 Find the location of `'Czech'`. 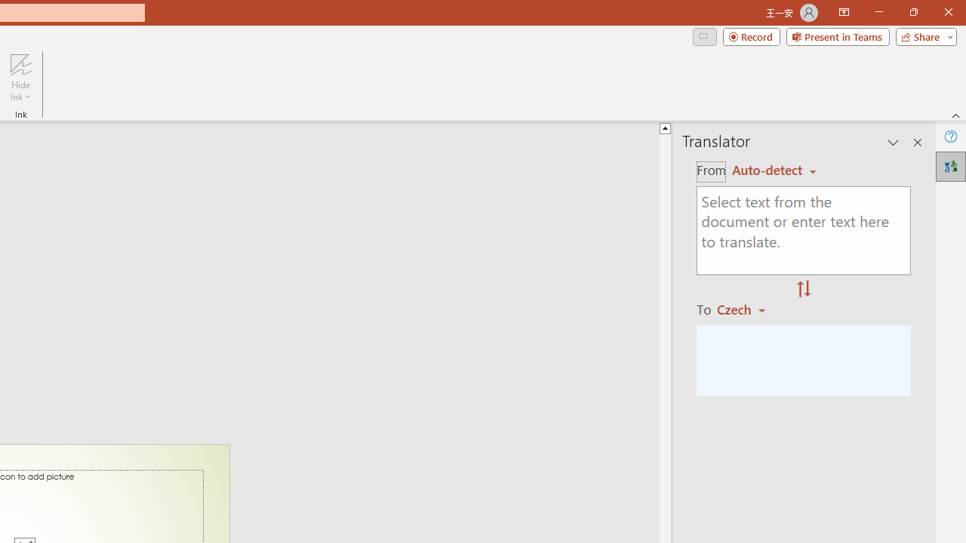

'Czech' is located at coordinates (748, 308).